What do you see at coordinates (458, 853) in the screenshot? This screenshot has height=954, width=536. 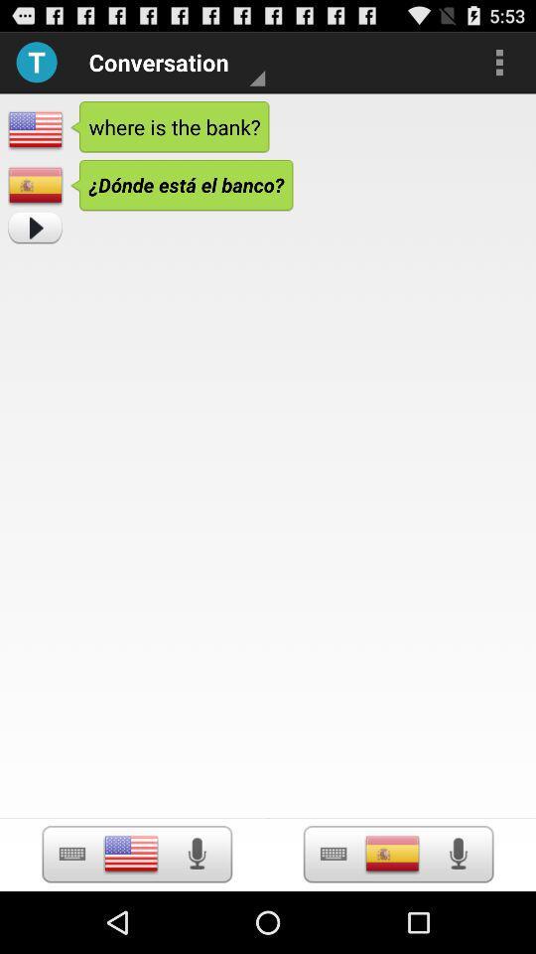 I see `open microphone options` at bounding box center [458, 853].